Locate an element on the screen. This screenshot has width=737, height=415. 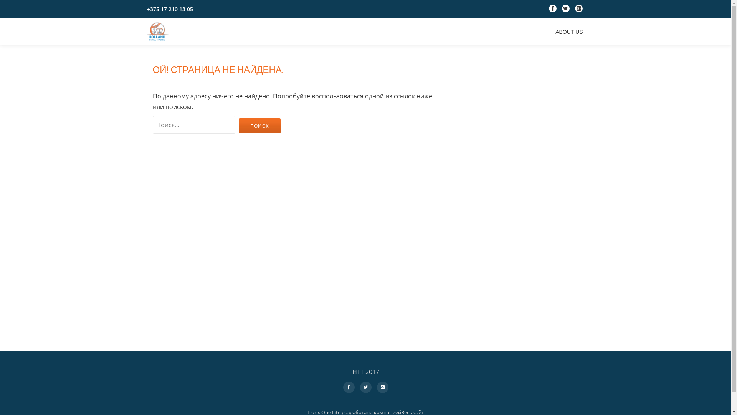
'Holland Travel Trading' is located at coordinates (147, 32).